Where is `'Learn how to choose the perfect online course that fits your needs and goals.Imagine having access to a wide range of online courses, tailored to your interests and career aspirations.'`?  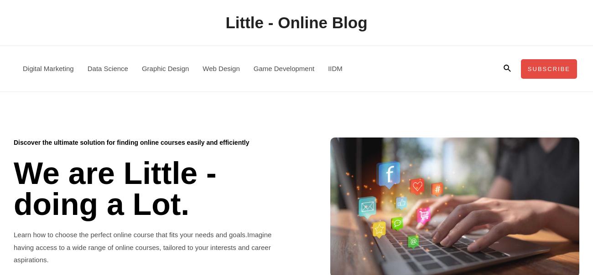 'Learn how to choose the perfect online course that fits your needs and goals.Imagine having access to a wide range of online courses, tailored to your interests and career aspirations.' is located at coordinates (142, 246).